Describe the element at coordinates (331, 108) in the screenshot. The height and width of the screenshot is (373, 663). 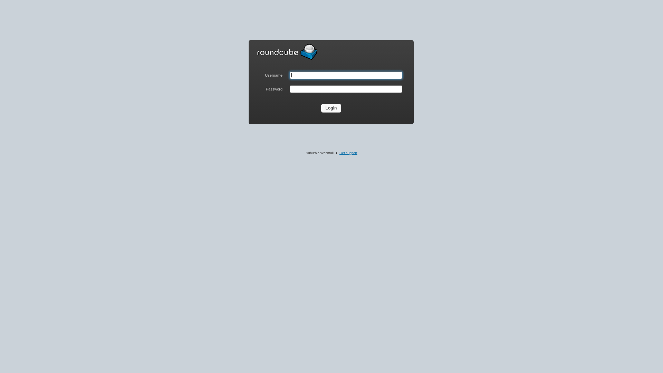
I see `'Login'` at that location.